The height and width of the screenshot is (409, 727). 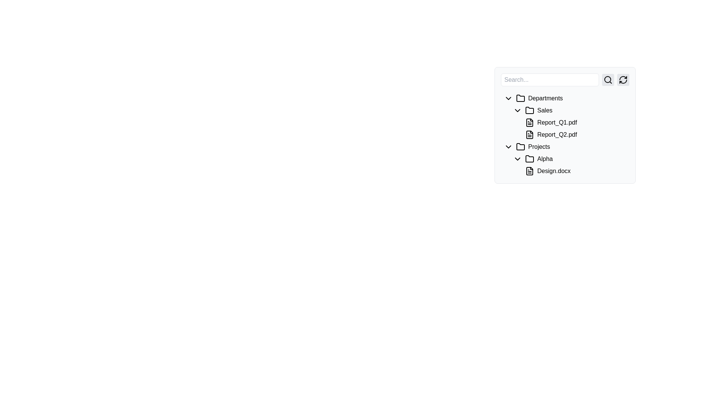 I want to click on the document file icon represented by a sheet-like graphic with a folded top-right corner, located to the left of the text 'Report_Q2.pdf', so click(x=530, y=134).